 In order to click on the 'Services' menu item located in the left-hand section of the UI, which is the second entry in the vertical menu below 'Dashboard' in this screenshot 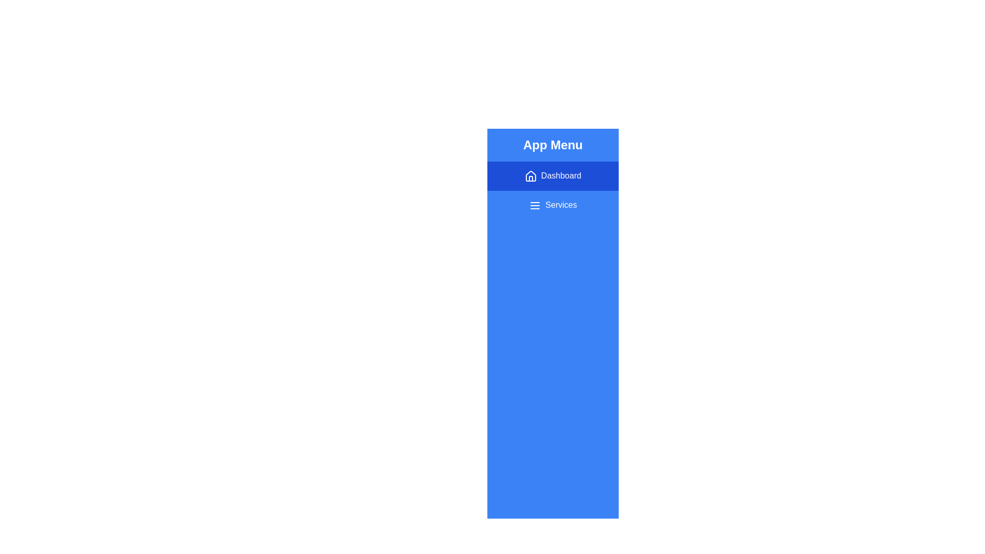, I will do `click(553, 205)`.